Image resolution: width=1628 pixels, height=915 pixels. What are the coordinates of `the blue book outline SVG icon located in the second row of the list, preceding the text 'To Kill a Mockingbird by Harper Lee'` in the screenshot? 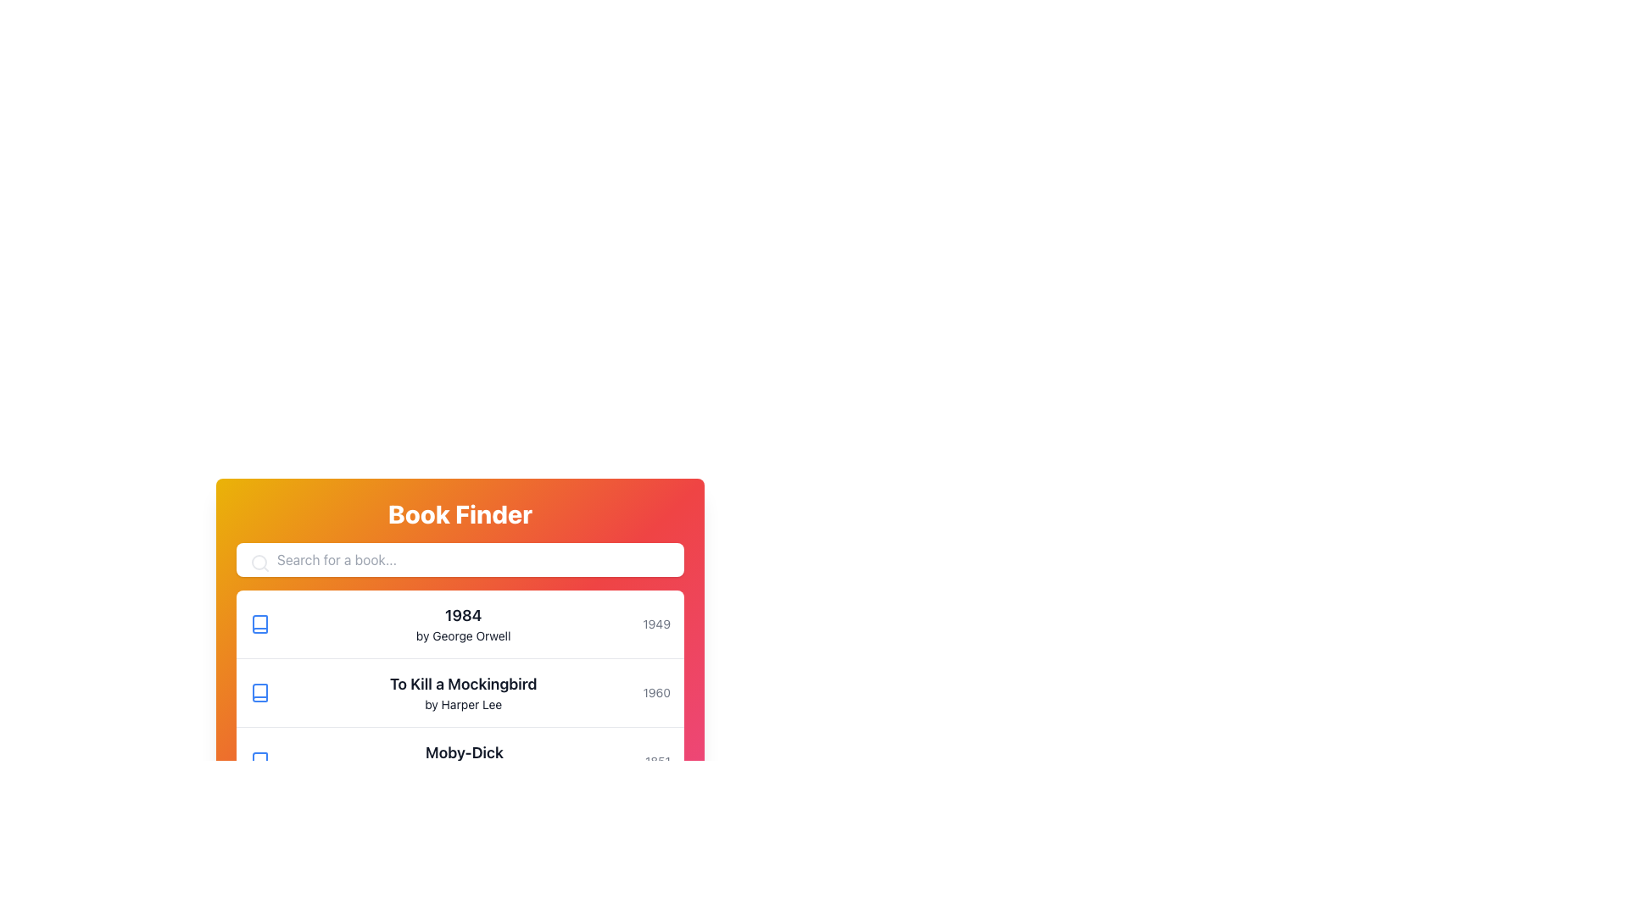 It's located at (259, 692).